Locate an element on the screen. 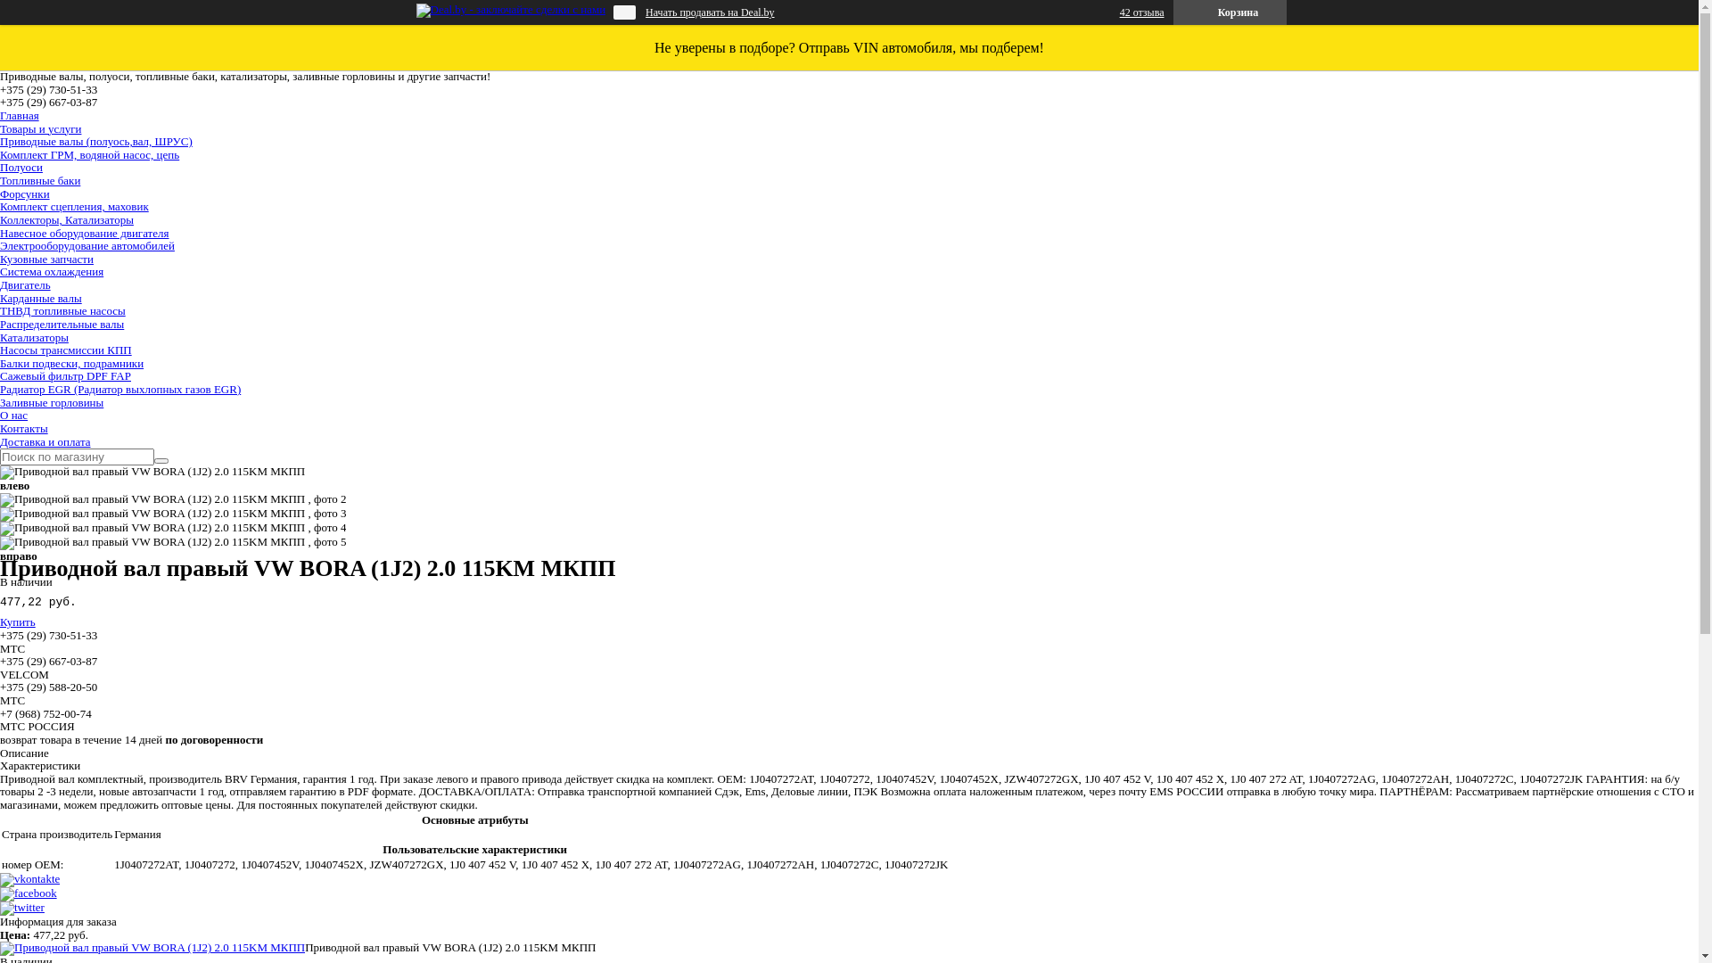 Image resolution: width=1712 pixels, height=963 pixels. 'facebook' is located at coordinates (29, 893).